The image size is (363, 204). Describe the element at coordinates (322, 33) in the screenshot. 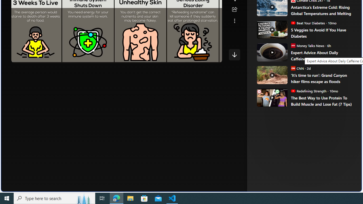

I see `'5 Veggies to Avoid If You Have Diabetes'` at that location.